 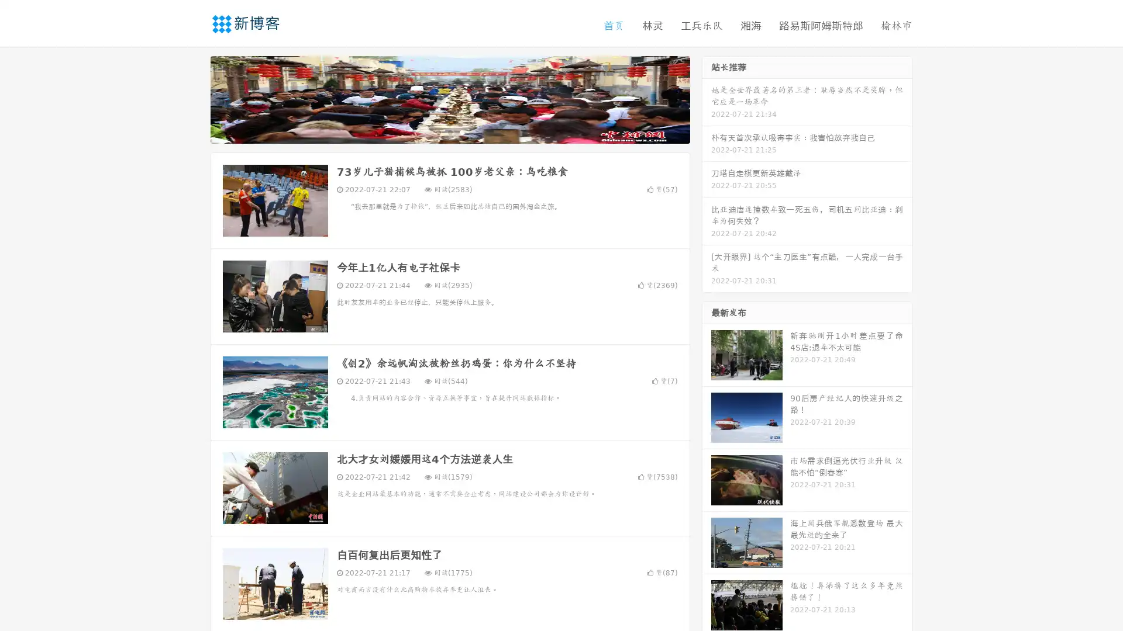 What do you see at coordinates (193, 98) in the screenshot?
I see `Previous slide` at bounding box center [193, 98].